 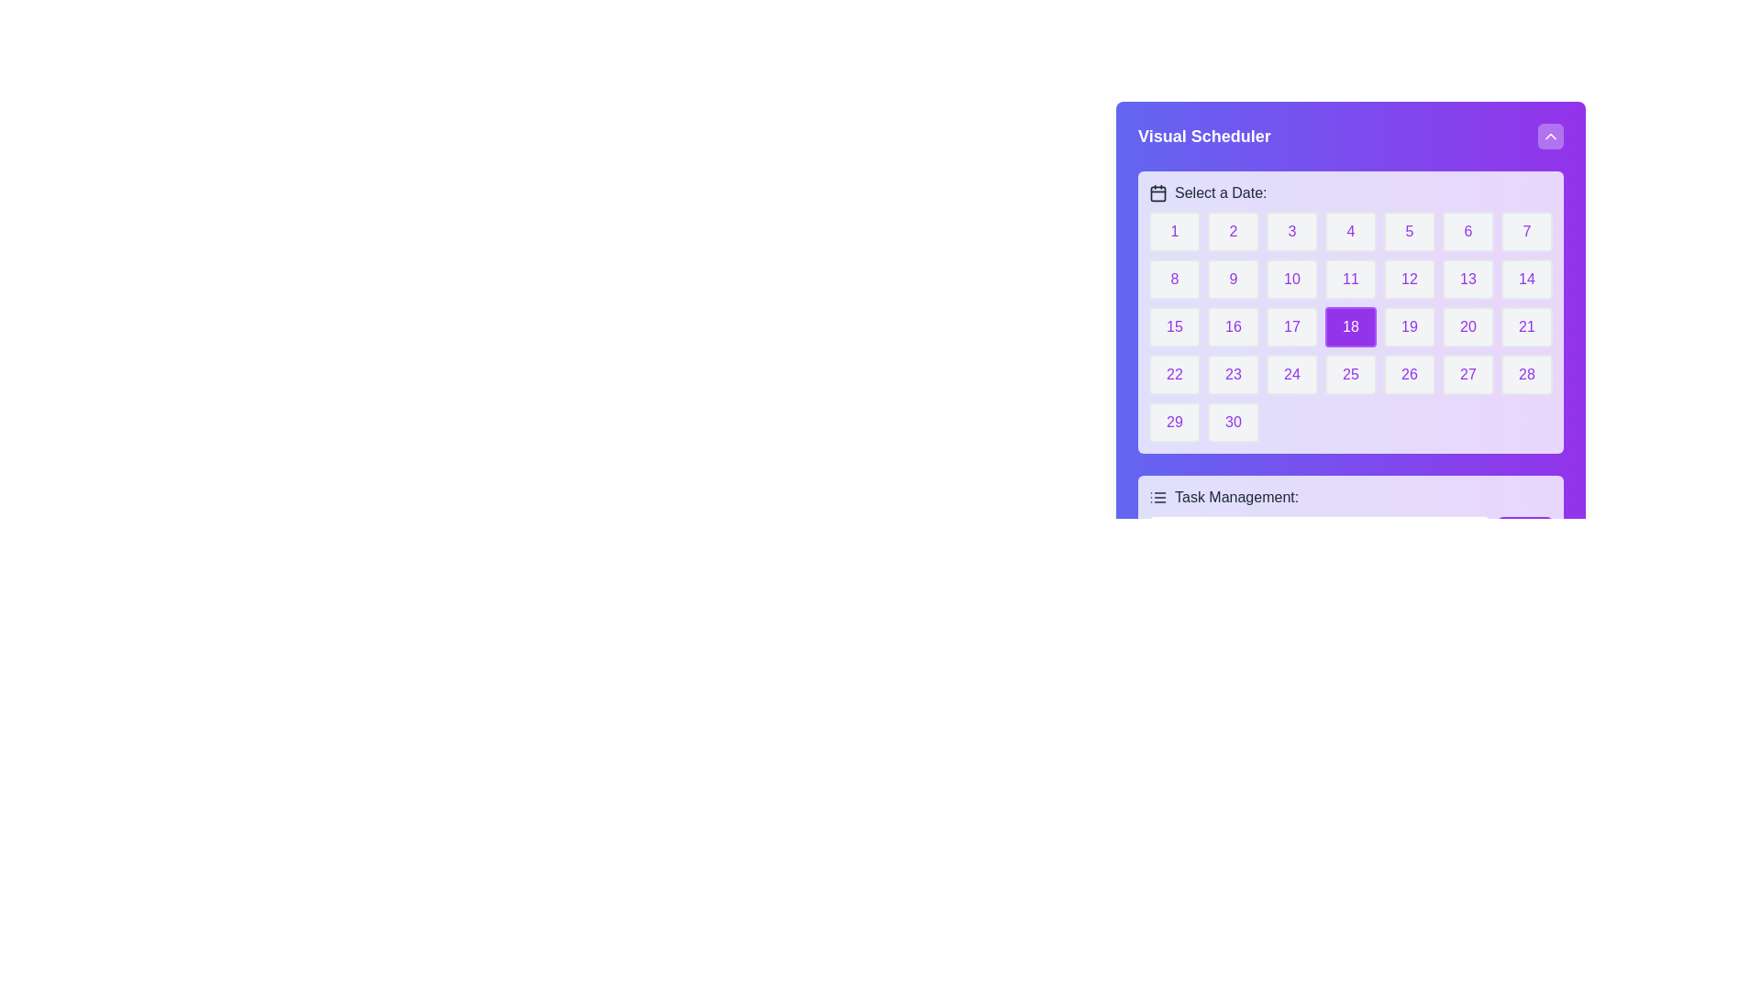 I want to click on the button representing the 15th day of the month in the date selection calendar, so click(x=1175, y=326).